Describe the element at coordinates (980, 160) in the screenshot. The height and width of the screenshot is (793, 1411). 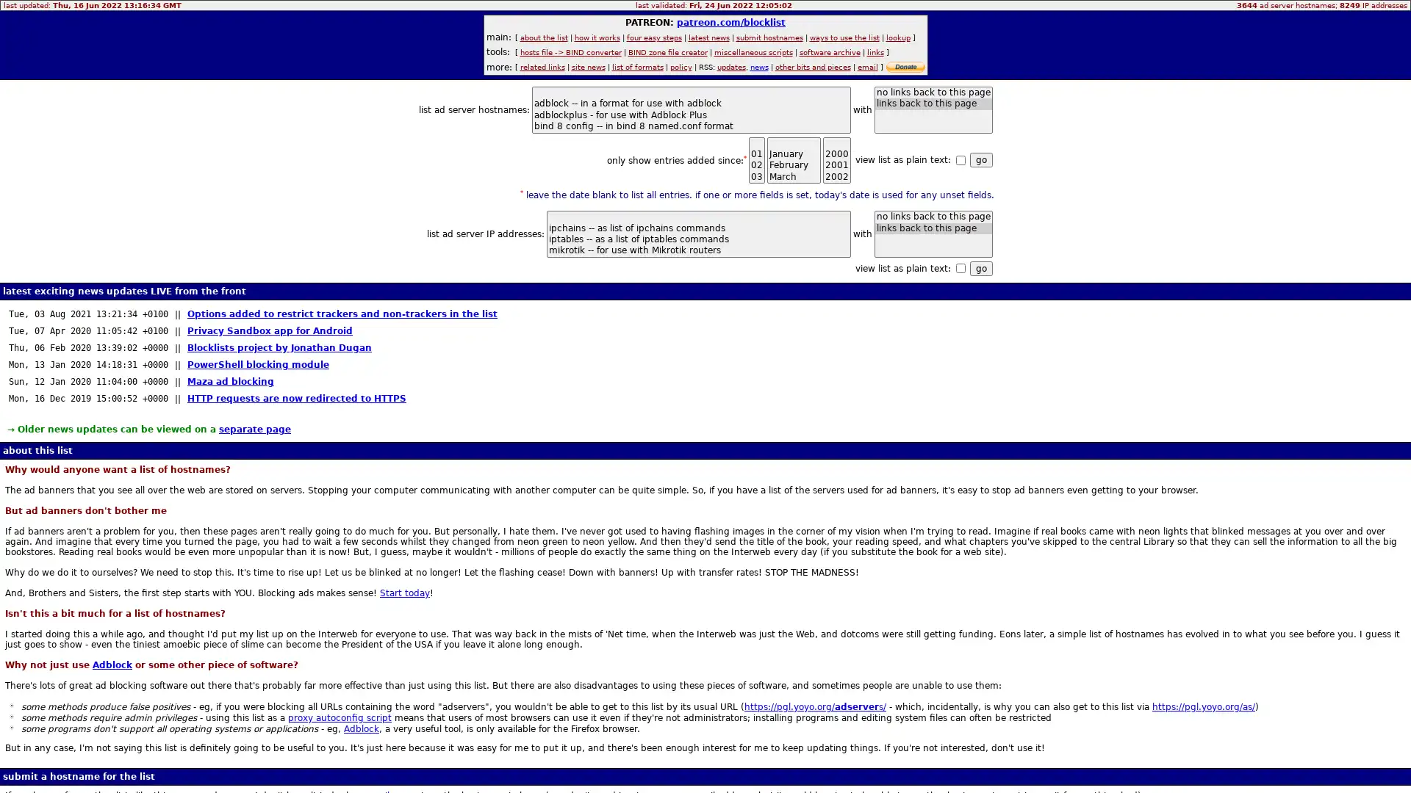
I see `go` at that location.